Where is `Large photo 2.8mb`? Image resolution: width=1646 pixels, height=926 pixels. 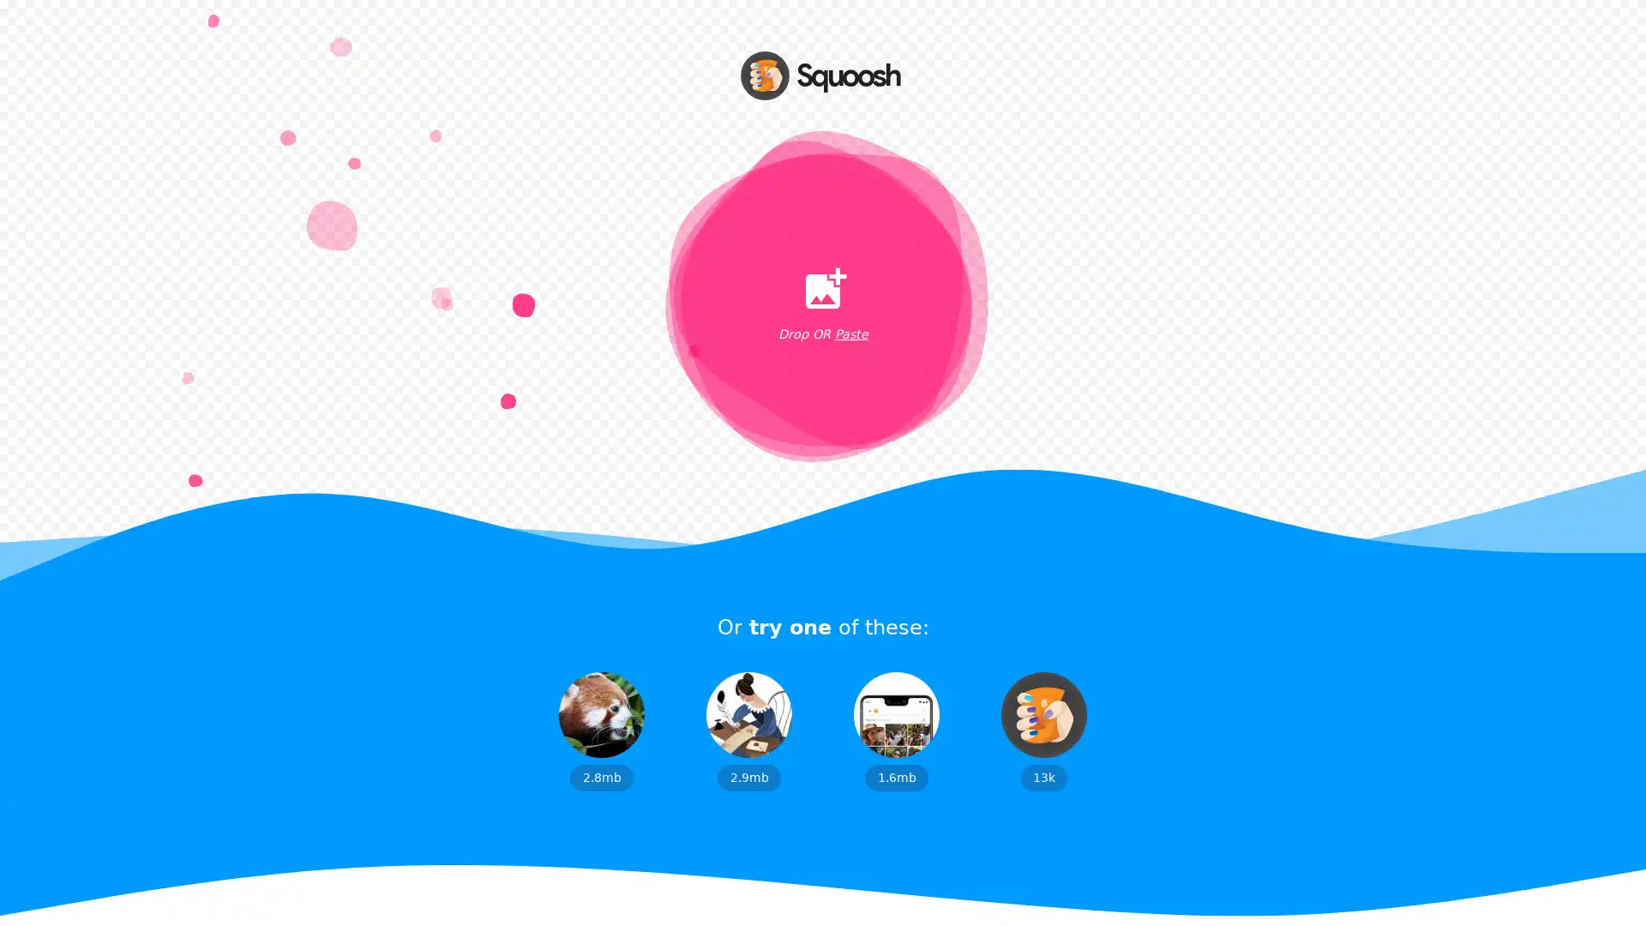
Large photo 2.8mb is located at coordinates (601, 731).